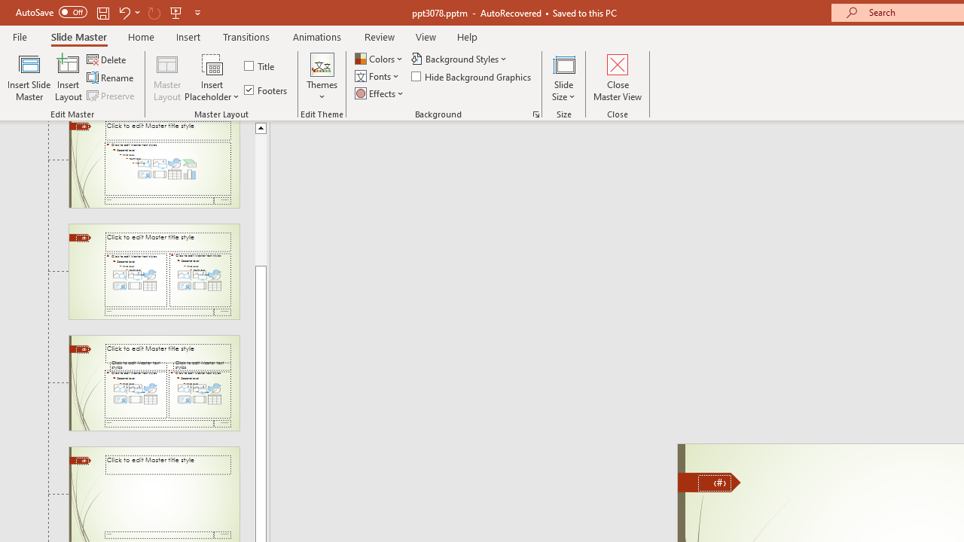 The image size is (964, 542). What do you see at coordinates (379, 36) in the screenshot?
I see `'Review'` at bounding box center [379, 36].